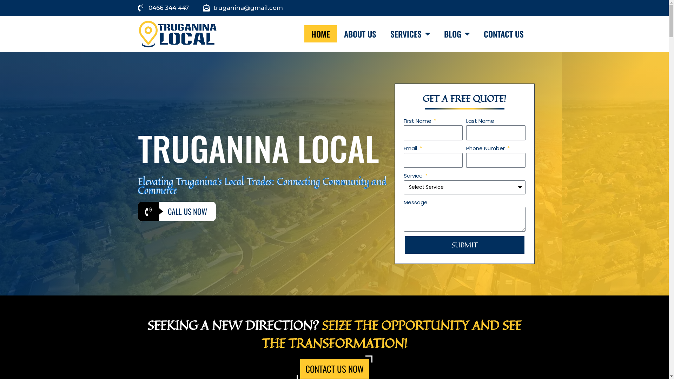 The width and height of the screenshot is (674, 379). Describe the element at coordinates (177, 211) in the screenshot. I see `'CALL US NOW'` at that location.